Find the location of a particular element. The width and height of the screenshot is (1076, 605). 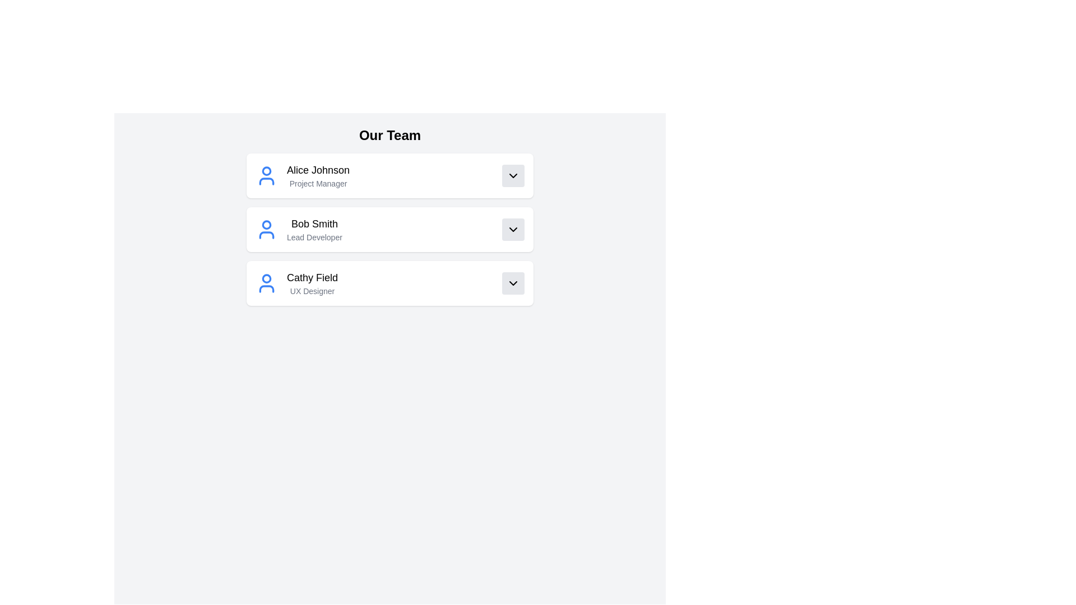

the chevron icon located on the far right of the 'Cathy Field UX Designer' row is located at coordinates (513, 282).